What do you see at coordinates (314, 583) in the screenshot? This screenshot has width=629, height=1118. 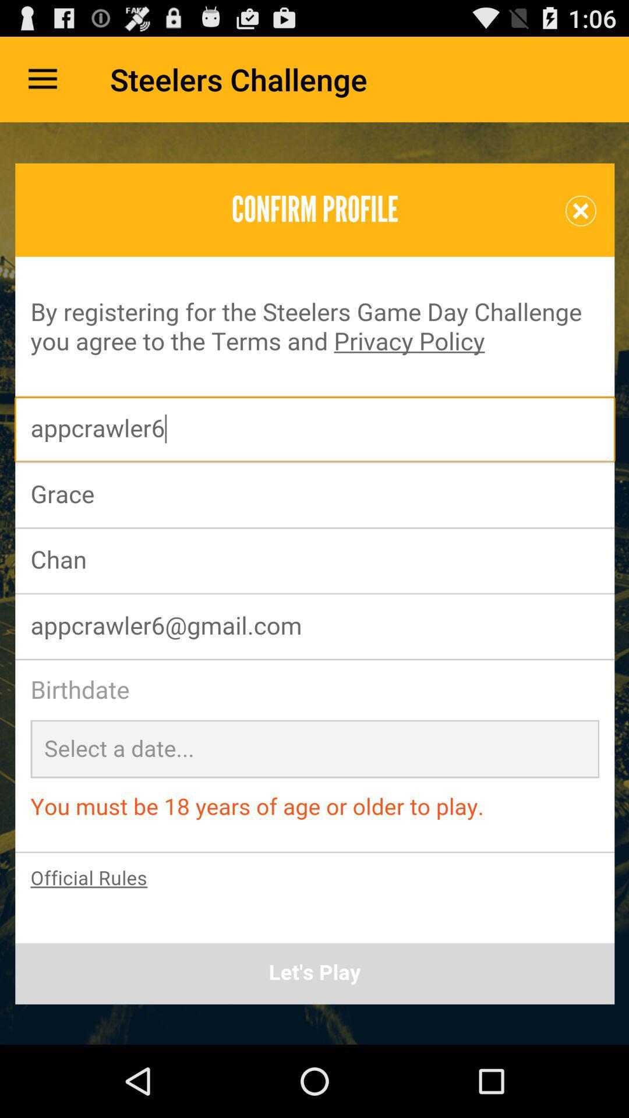 I see `profile` at bounding box center [314, 583].